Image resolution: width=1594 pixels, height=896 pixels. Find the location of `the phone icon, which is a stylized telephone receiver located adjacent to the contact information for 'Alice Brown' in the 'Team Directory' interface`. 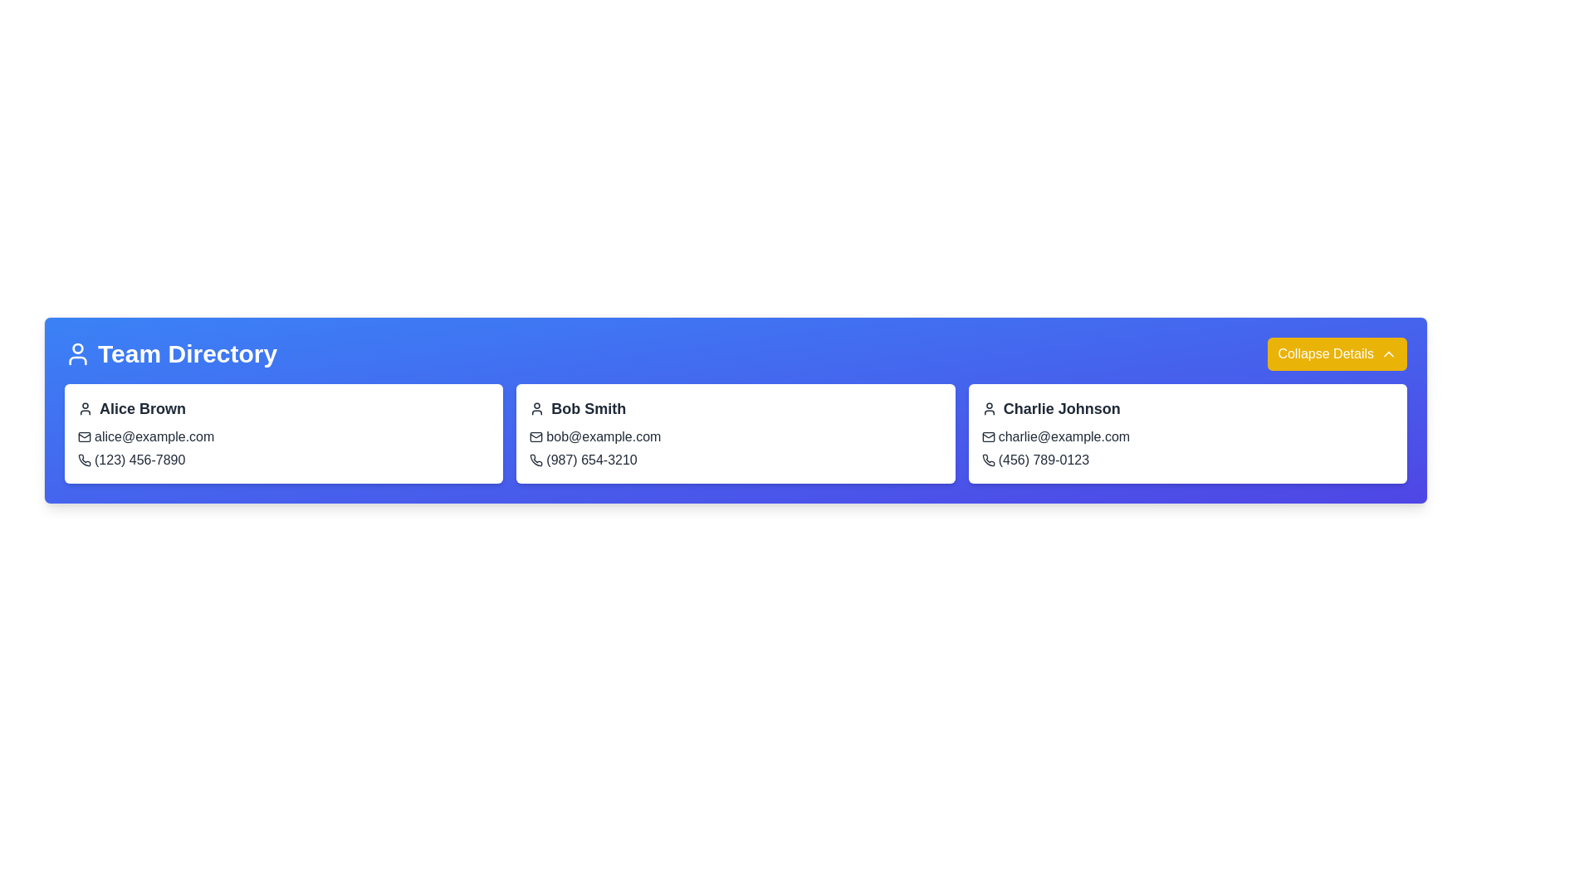

the phone icon, which is a stylized telephone receiver located adjacent to the contact information for 'Alice Brown' in the 'Team Directory' interface is located at coordinates (83, 460).